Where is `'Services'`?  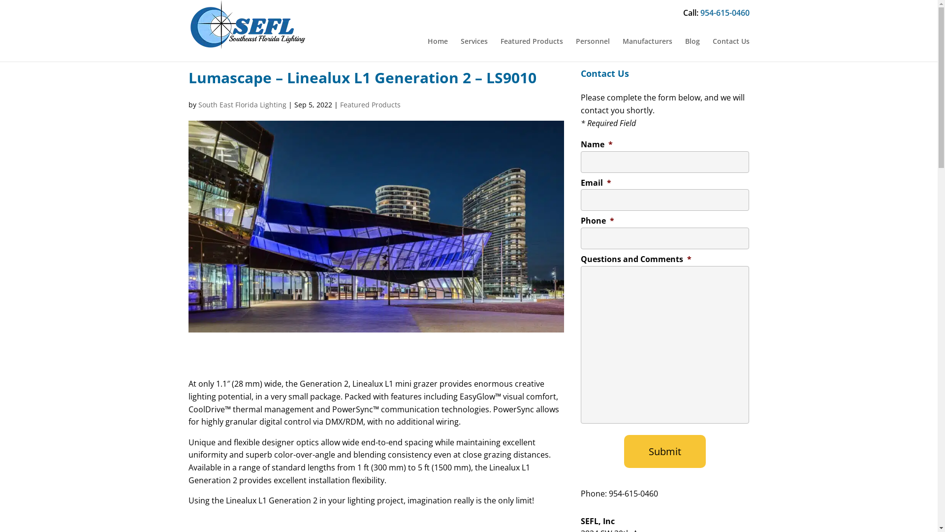
'Services' is located at coordinates (474, 41).